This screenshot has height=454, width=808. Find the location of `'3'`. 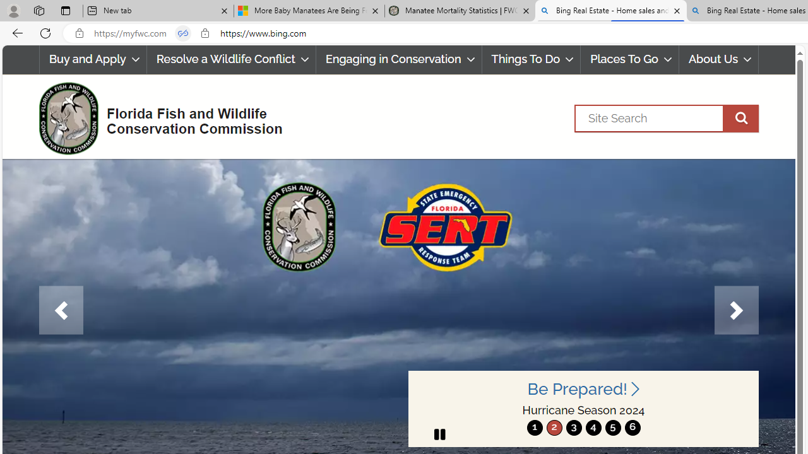

'3' is located at coordinates (573, 427).